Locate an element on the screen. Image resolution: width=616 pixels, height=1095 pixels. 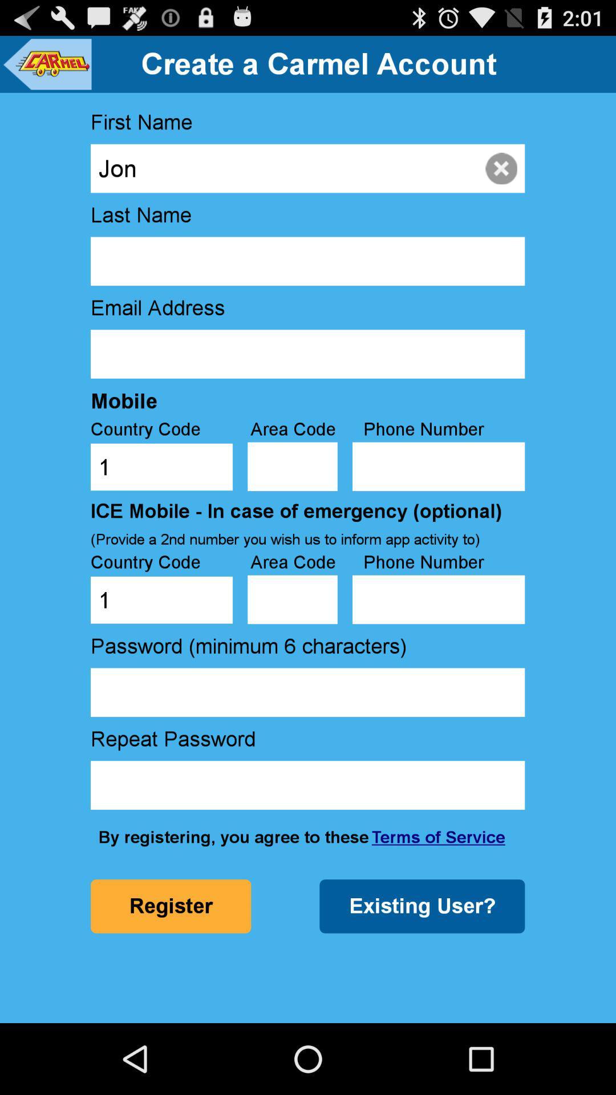
item below by registering you item is located at coordinates (422, 906).